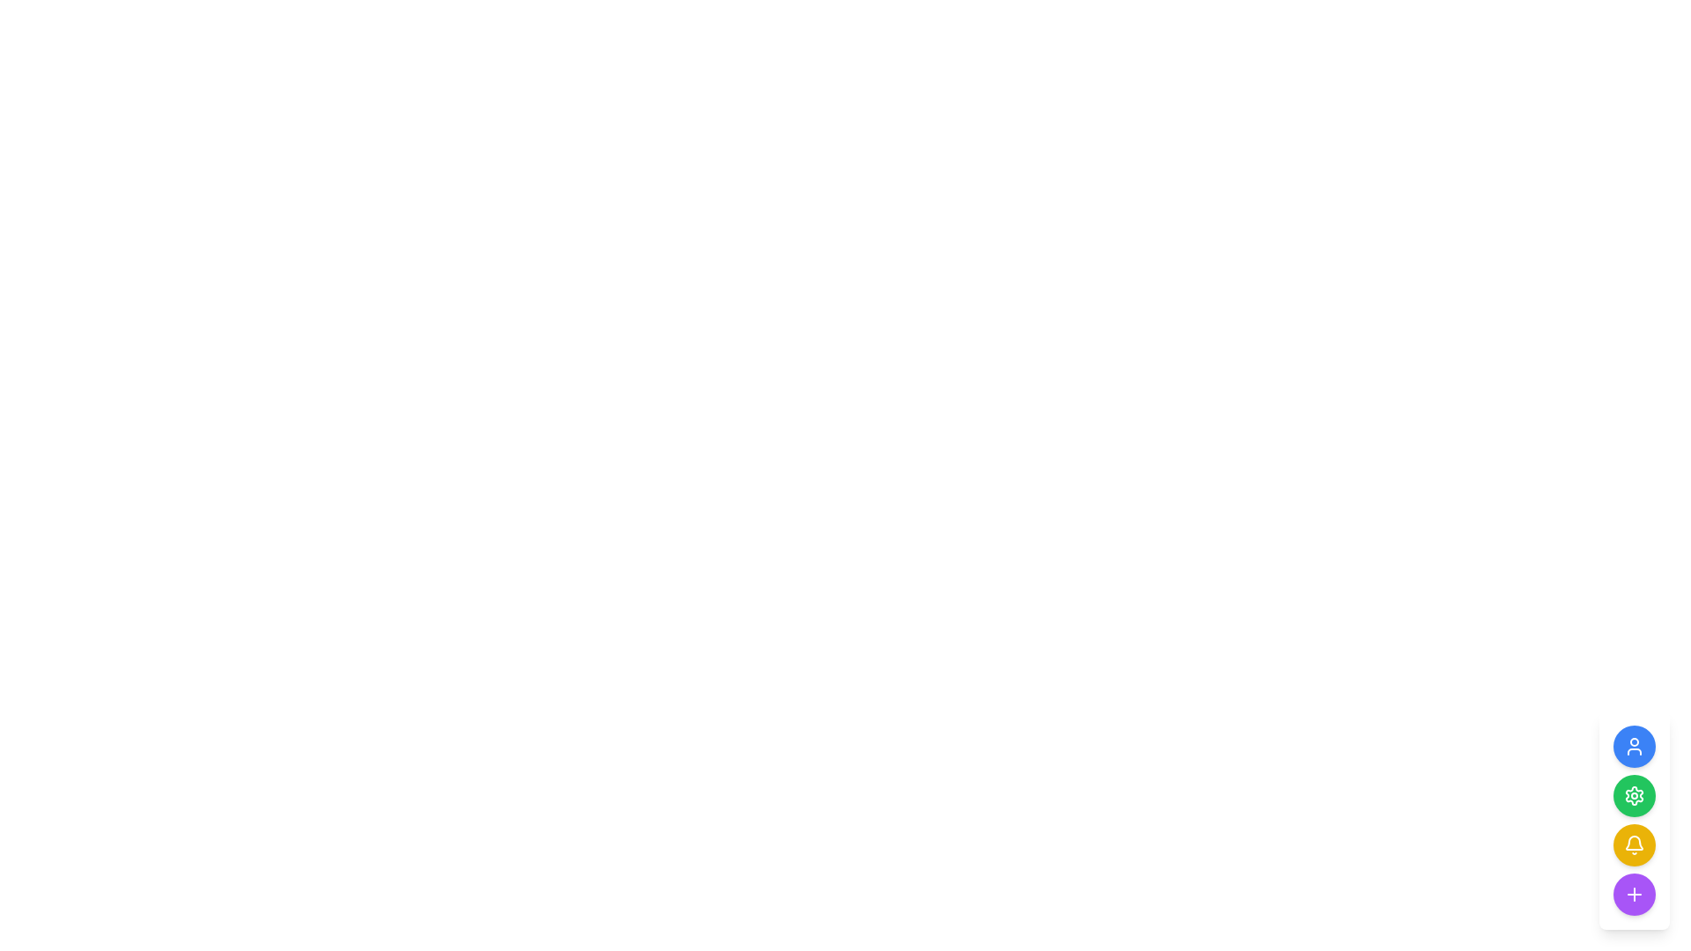 This screenshot has height=951, width=1691. Describe the element at coordinates (1634, 795) in the screenshot. I see `the settings icon located inside the second green button from the top in the vertical stack of buttons on the right side of the interface` at that location.